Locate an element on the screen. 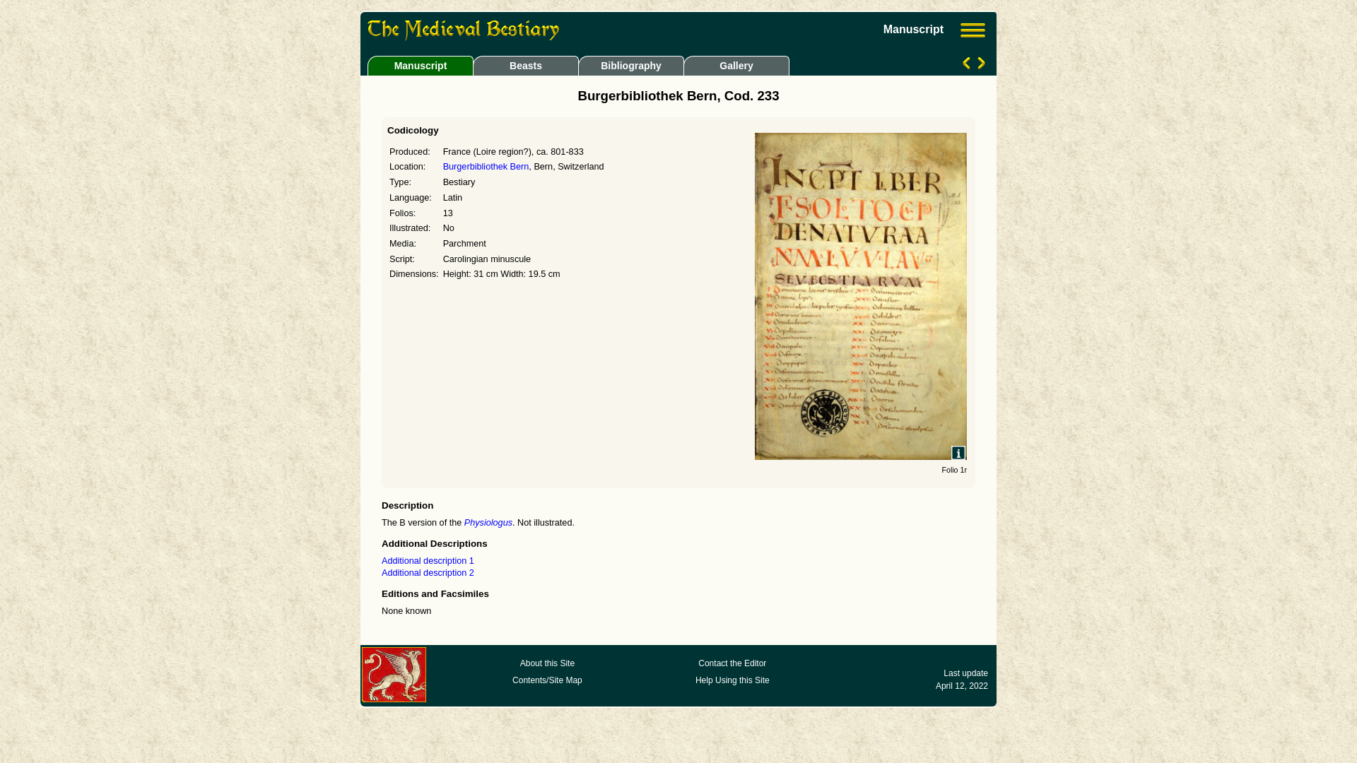  'Physiologus' is located at coordinates (488, 523).